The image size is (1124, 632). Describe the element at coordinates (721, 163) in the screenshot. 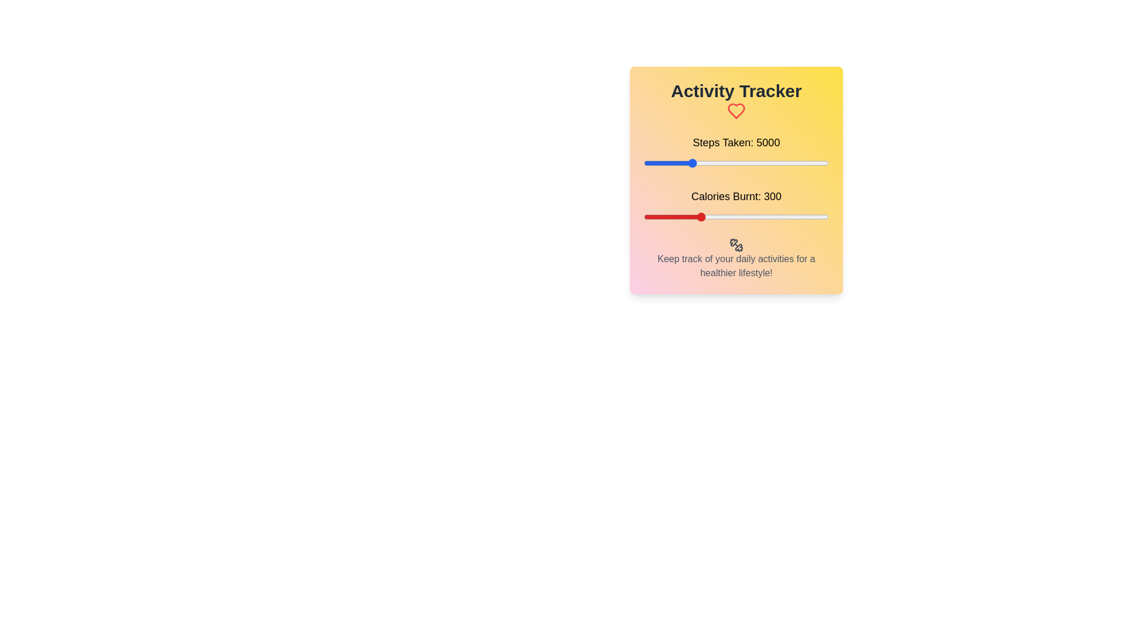

I see `steps taken` at that location.